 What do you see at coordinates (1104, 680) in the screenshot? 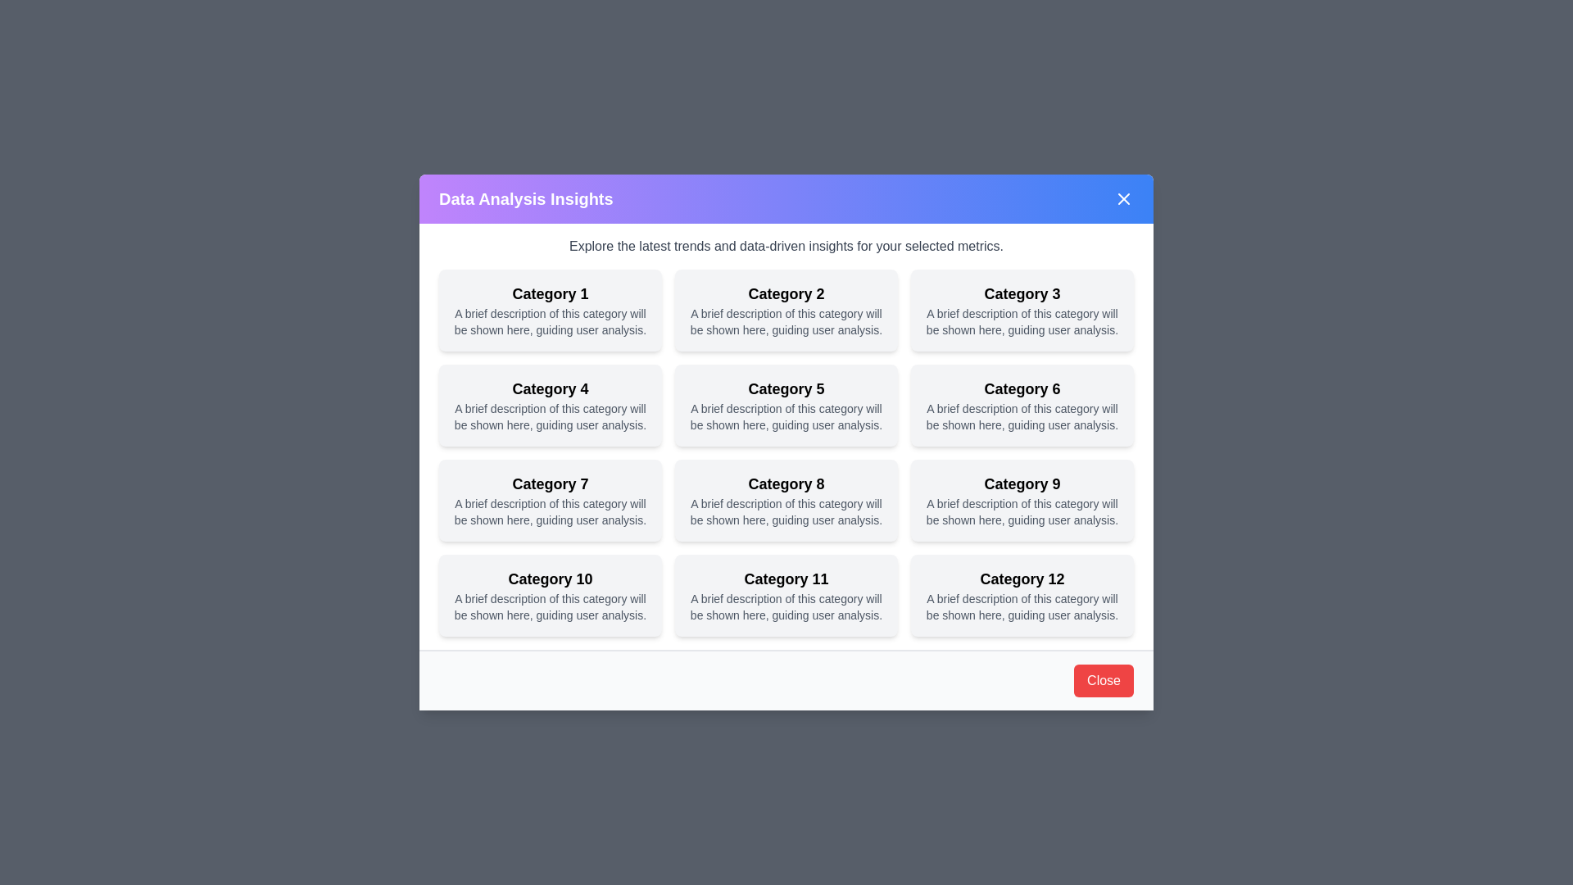
I see `'Close' button at the bottom-right of the dialog` at bounding box center [1104, 680].